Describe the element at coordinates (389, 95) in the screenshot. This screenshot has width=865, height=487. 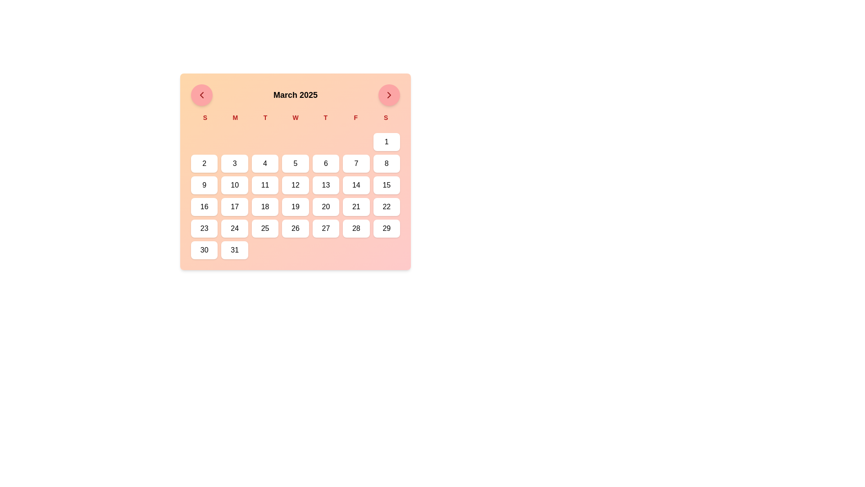
I see `the navigation icon located at the top-right side of the calendar grid to trigger navigation to the next period` at that location.